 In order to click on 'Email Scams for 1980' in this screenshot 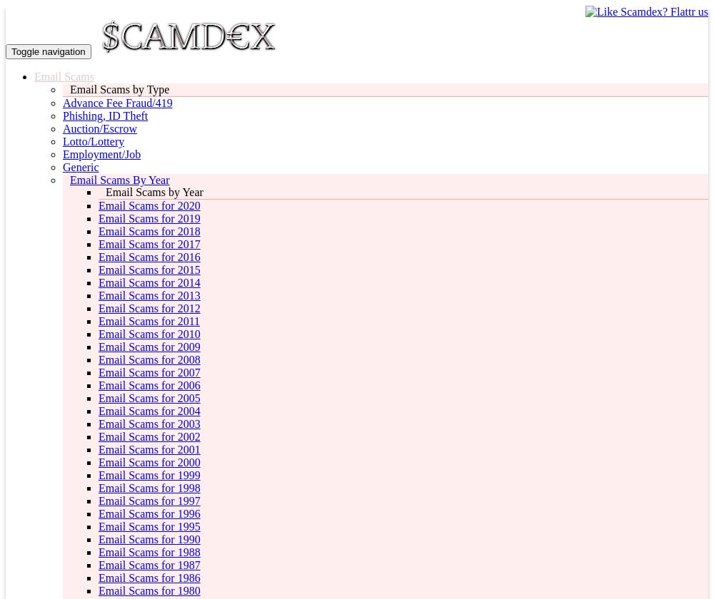, I will do `click(149, 590)`.